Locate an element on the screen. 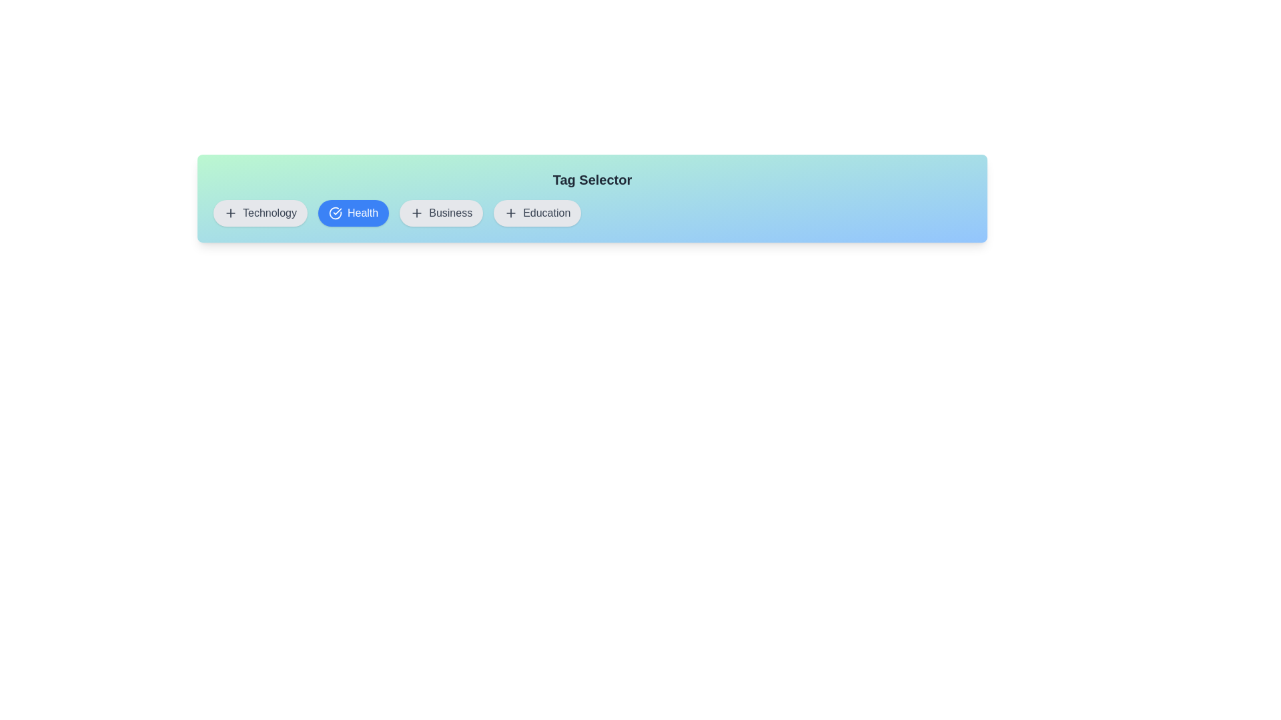 The width and height of the screenshot is (1281, 720). the tag Technology by clicking on it is located at coordinates (260, 213).